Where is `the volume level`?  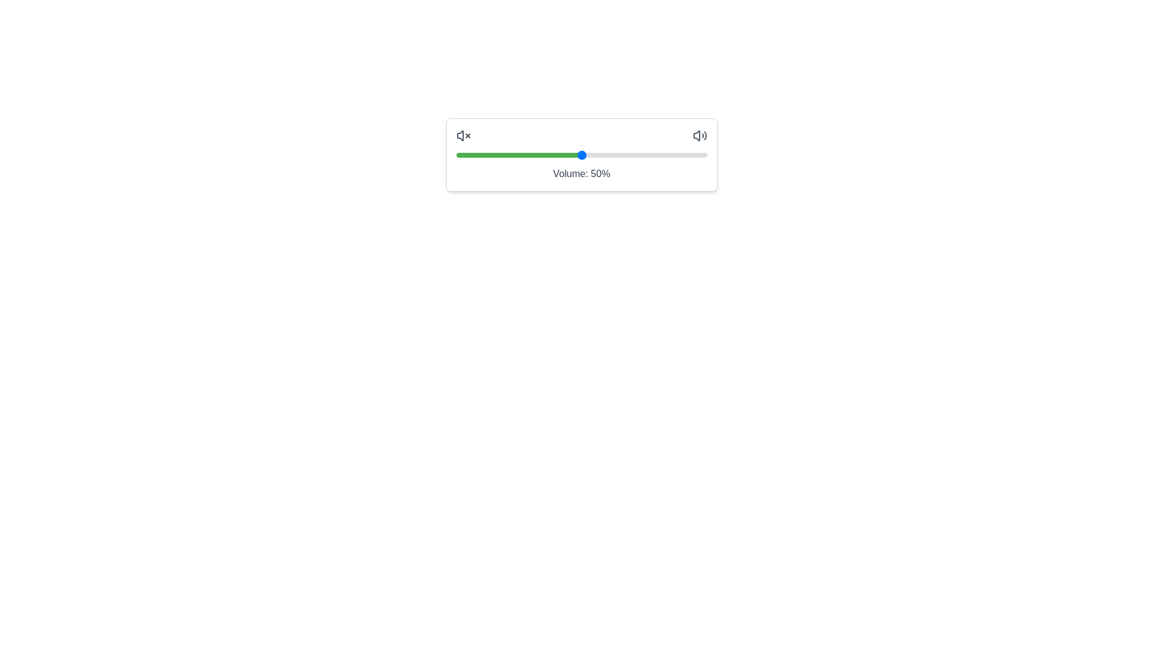
the volume level is located at coordinates (584, 154).